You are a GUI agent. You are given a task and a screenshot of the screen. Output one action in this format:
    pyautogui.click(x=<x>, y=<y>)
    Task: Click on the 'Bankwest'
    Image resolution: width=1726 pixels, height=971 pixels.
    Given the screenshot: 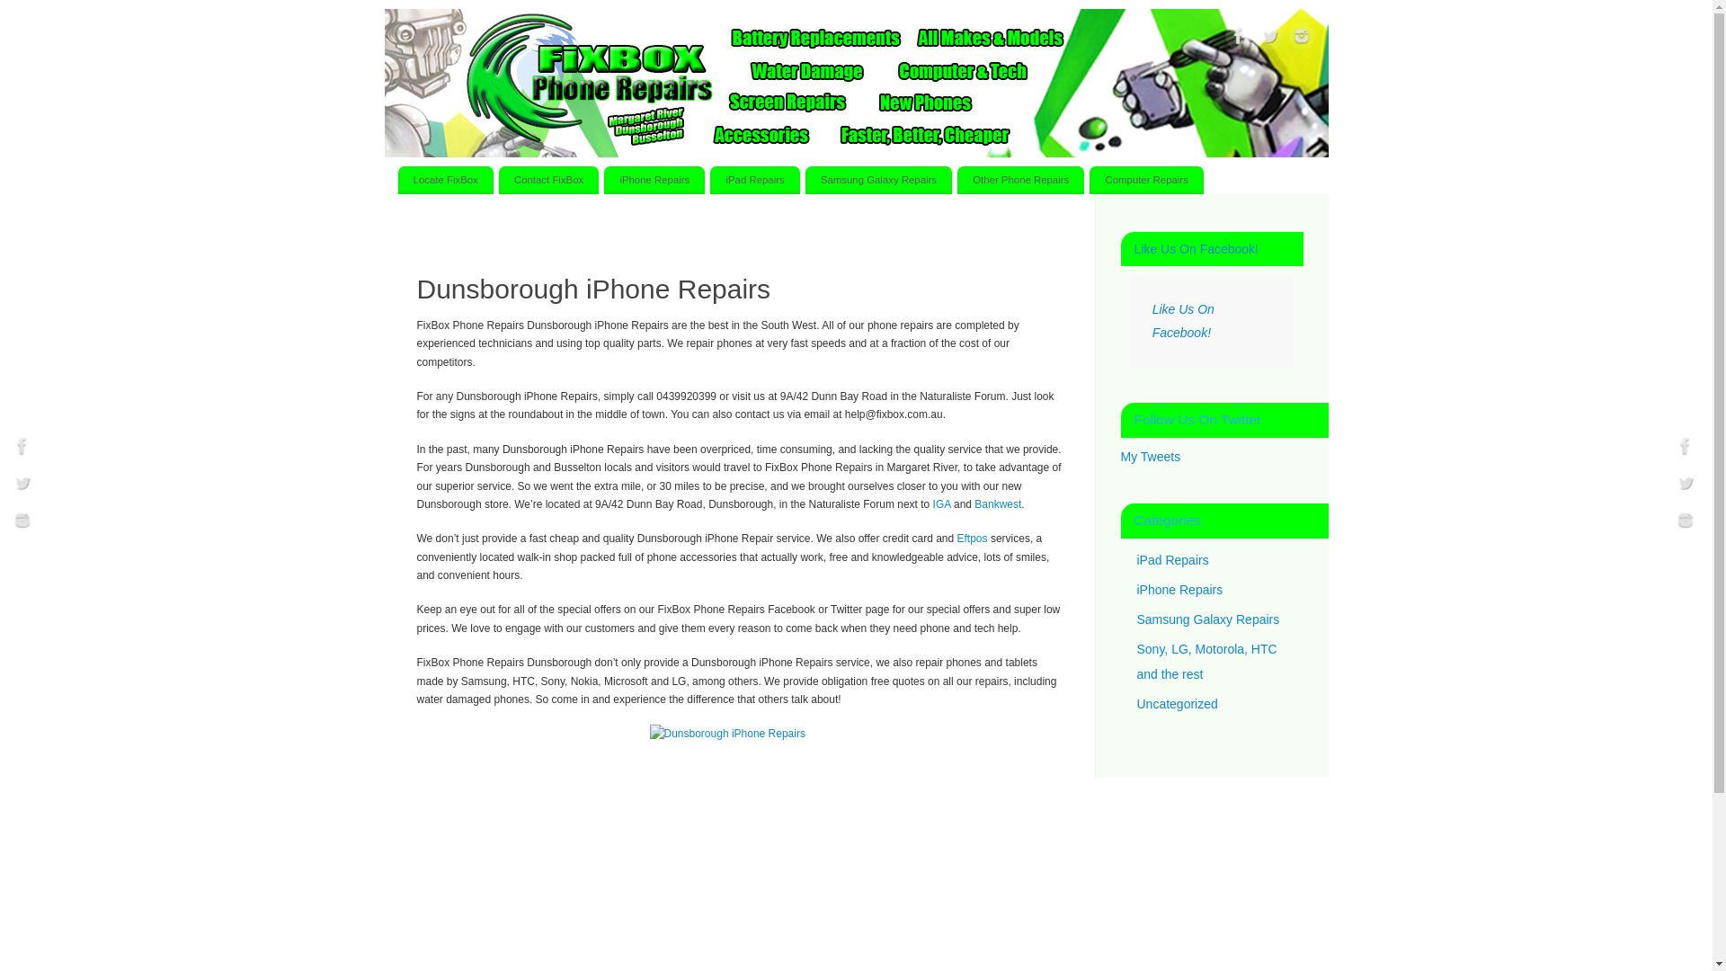 What is the action you would take?
    pyautogui.click(x=974, y=503)
    